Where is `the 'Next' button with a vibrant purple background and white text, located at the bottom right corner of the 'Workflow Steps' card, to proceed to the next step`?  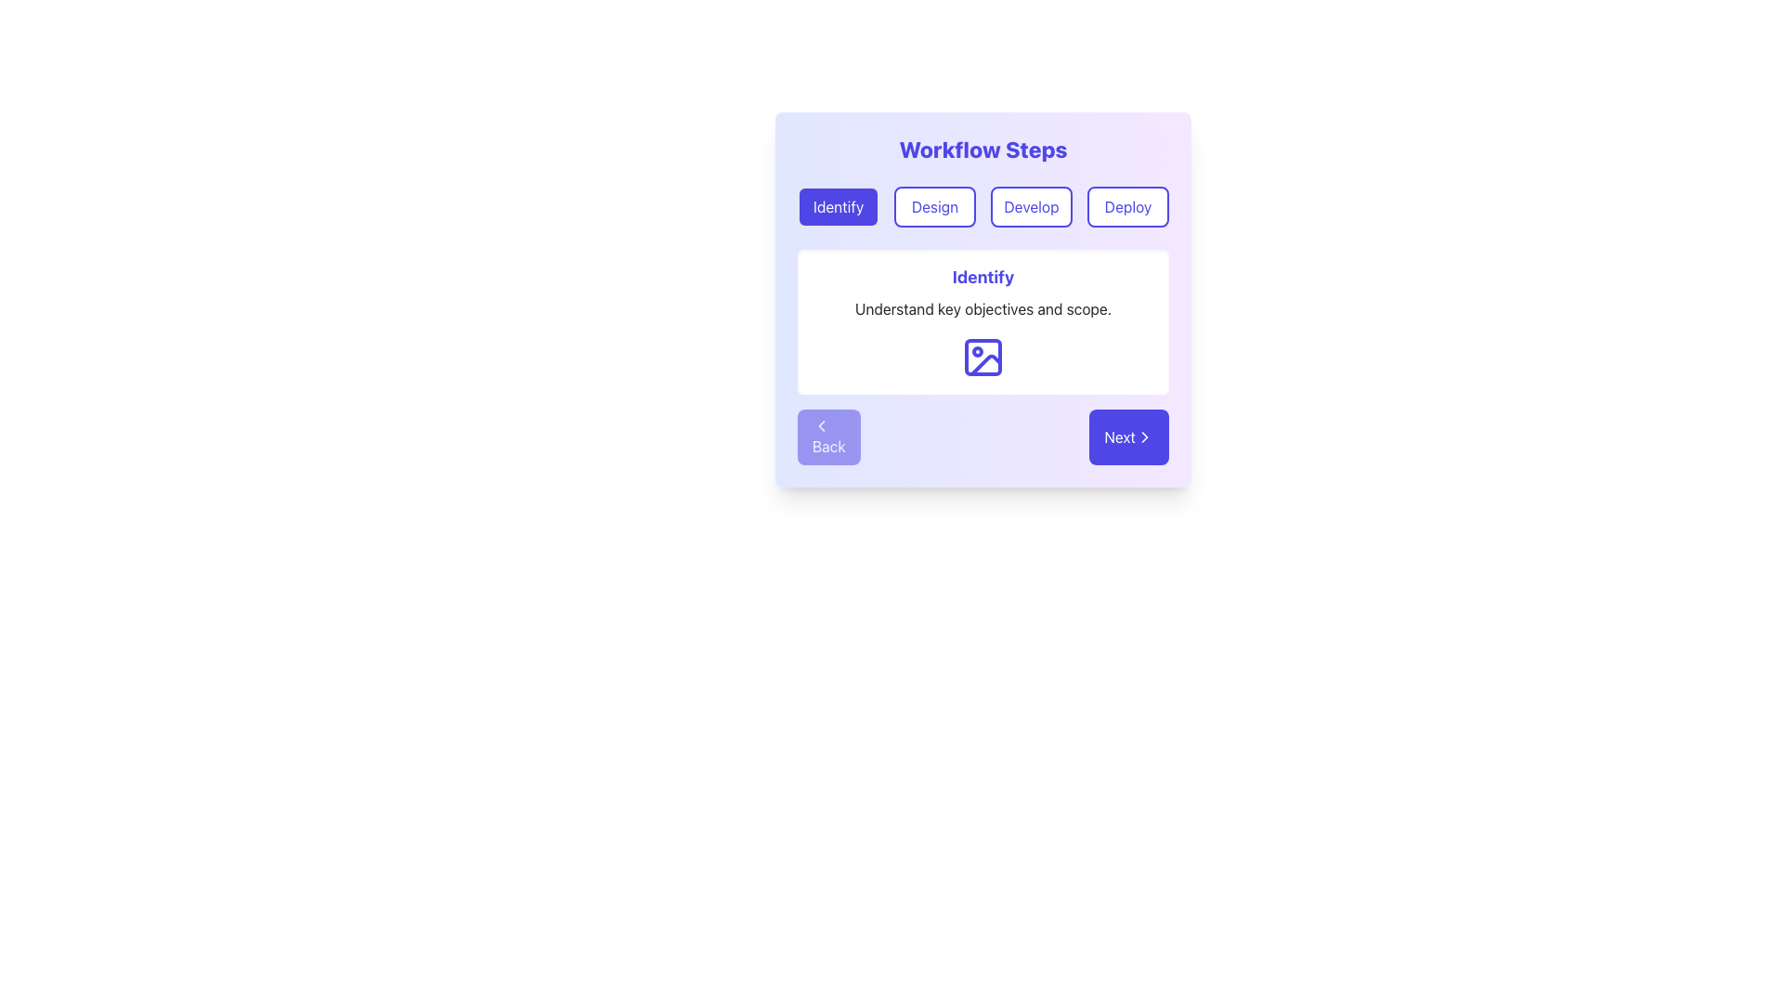
the 'Next' button with a vibrant purple background and white text, located at the bottom right corner of the 'Workflow Steps' card, to proceed to the next step is located at coordinates (1128, 436).